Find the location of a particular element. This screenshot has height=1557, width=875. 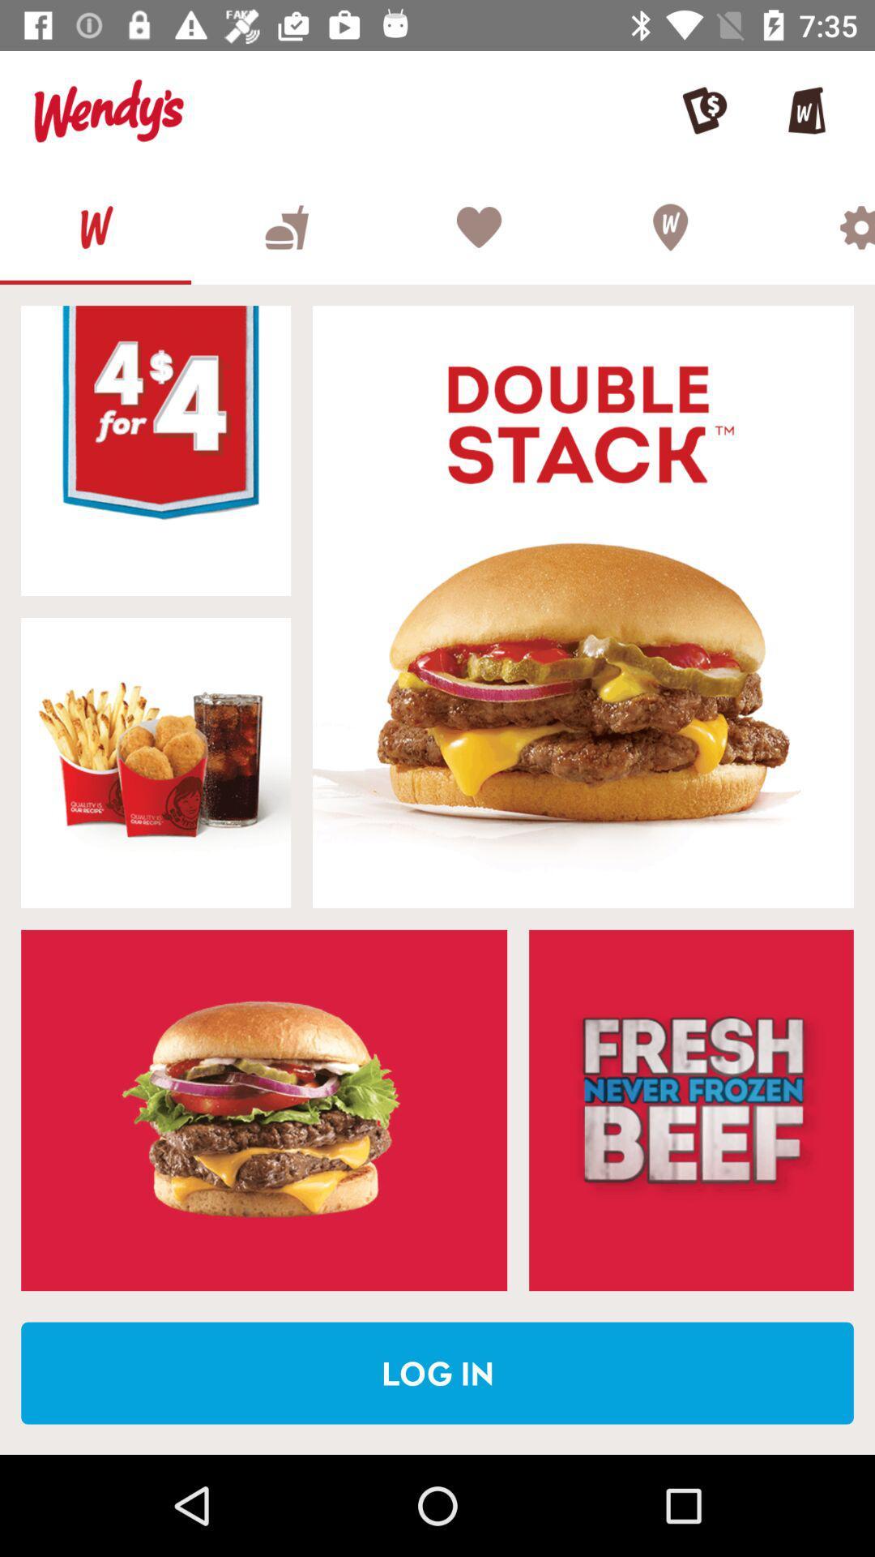

goes to options is located at coordinates (820, 226).